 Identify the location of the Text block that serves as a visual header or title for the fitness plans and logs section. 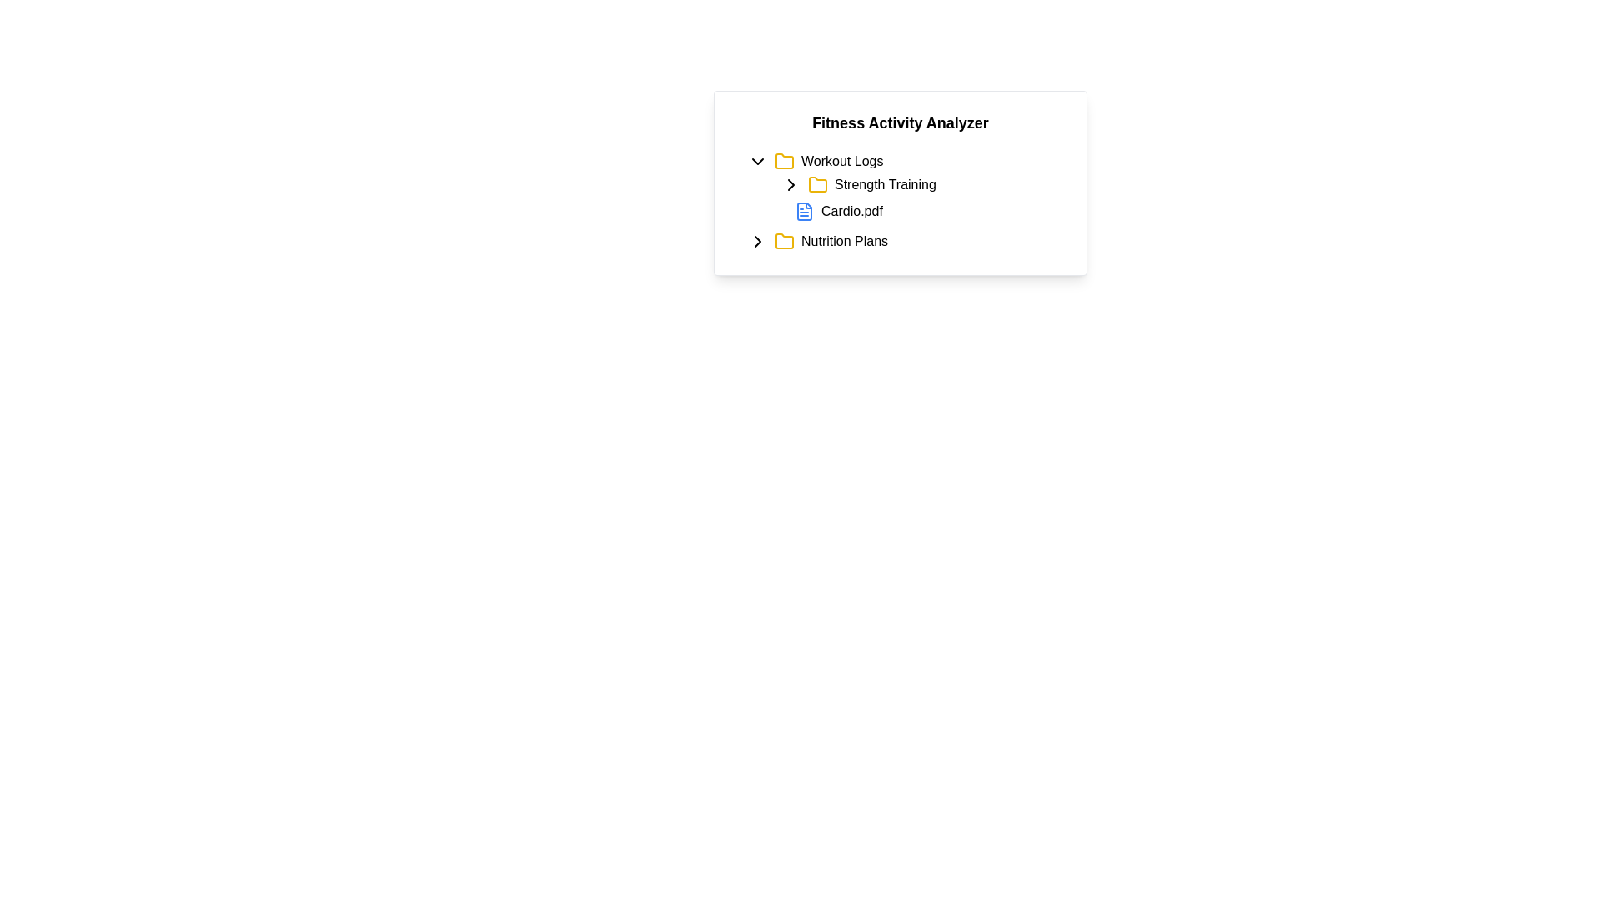
(900, 122).